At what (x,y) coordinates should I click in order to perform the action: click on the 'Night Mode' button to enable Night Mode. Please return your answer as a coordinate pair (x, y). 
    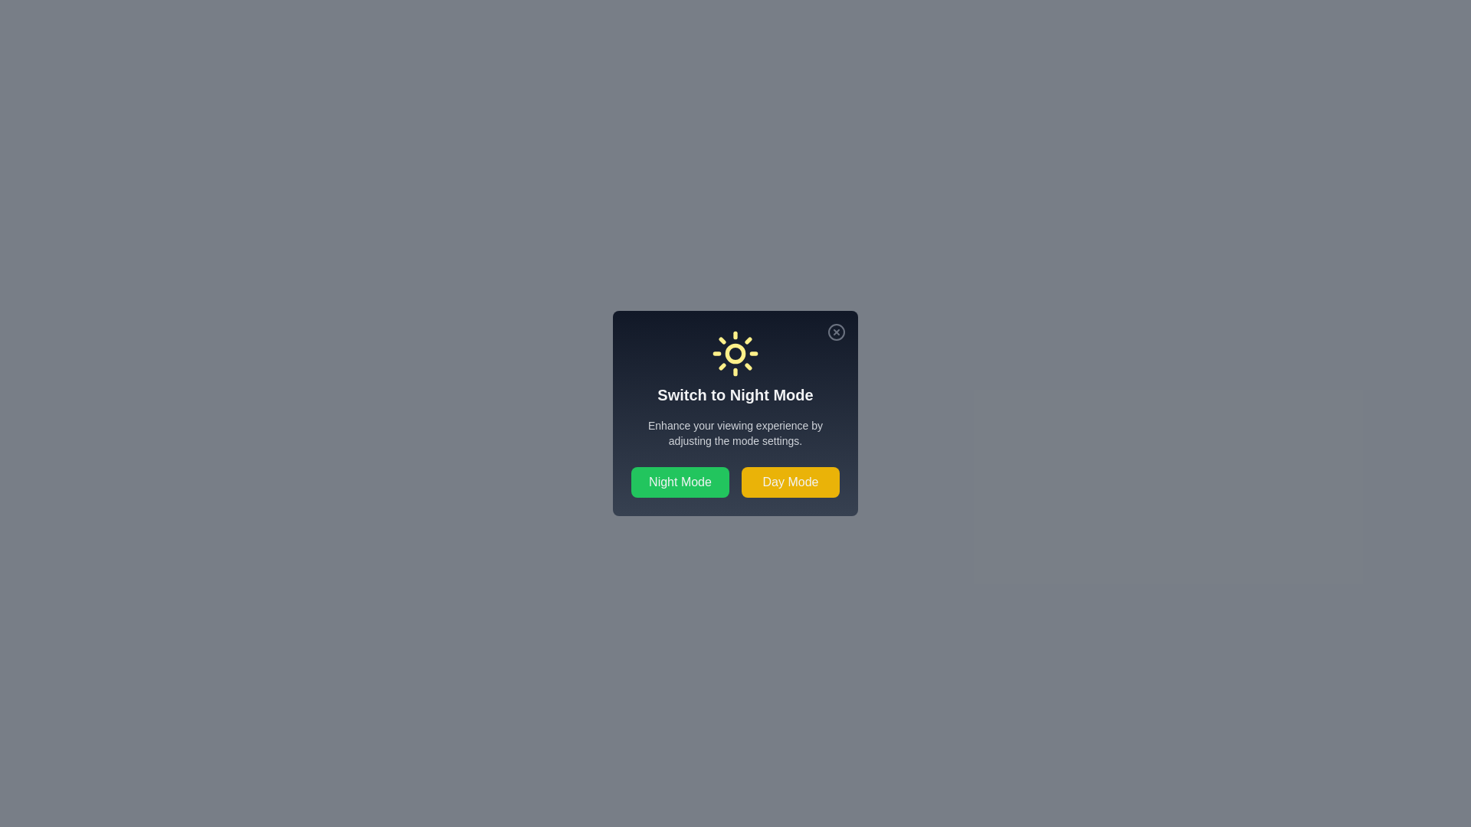
    Looking at the image, I should click on (680, 481).